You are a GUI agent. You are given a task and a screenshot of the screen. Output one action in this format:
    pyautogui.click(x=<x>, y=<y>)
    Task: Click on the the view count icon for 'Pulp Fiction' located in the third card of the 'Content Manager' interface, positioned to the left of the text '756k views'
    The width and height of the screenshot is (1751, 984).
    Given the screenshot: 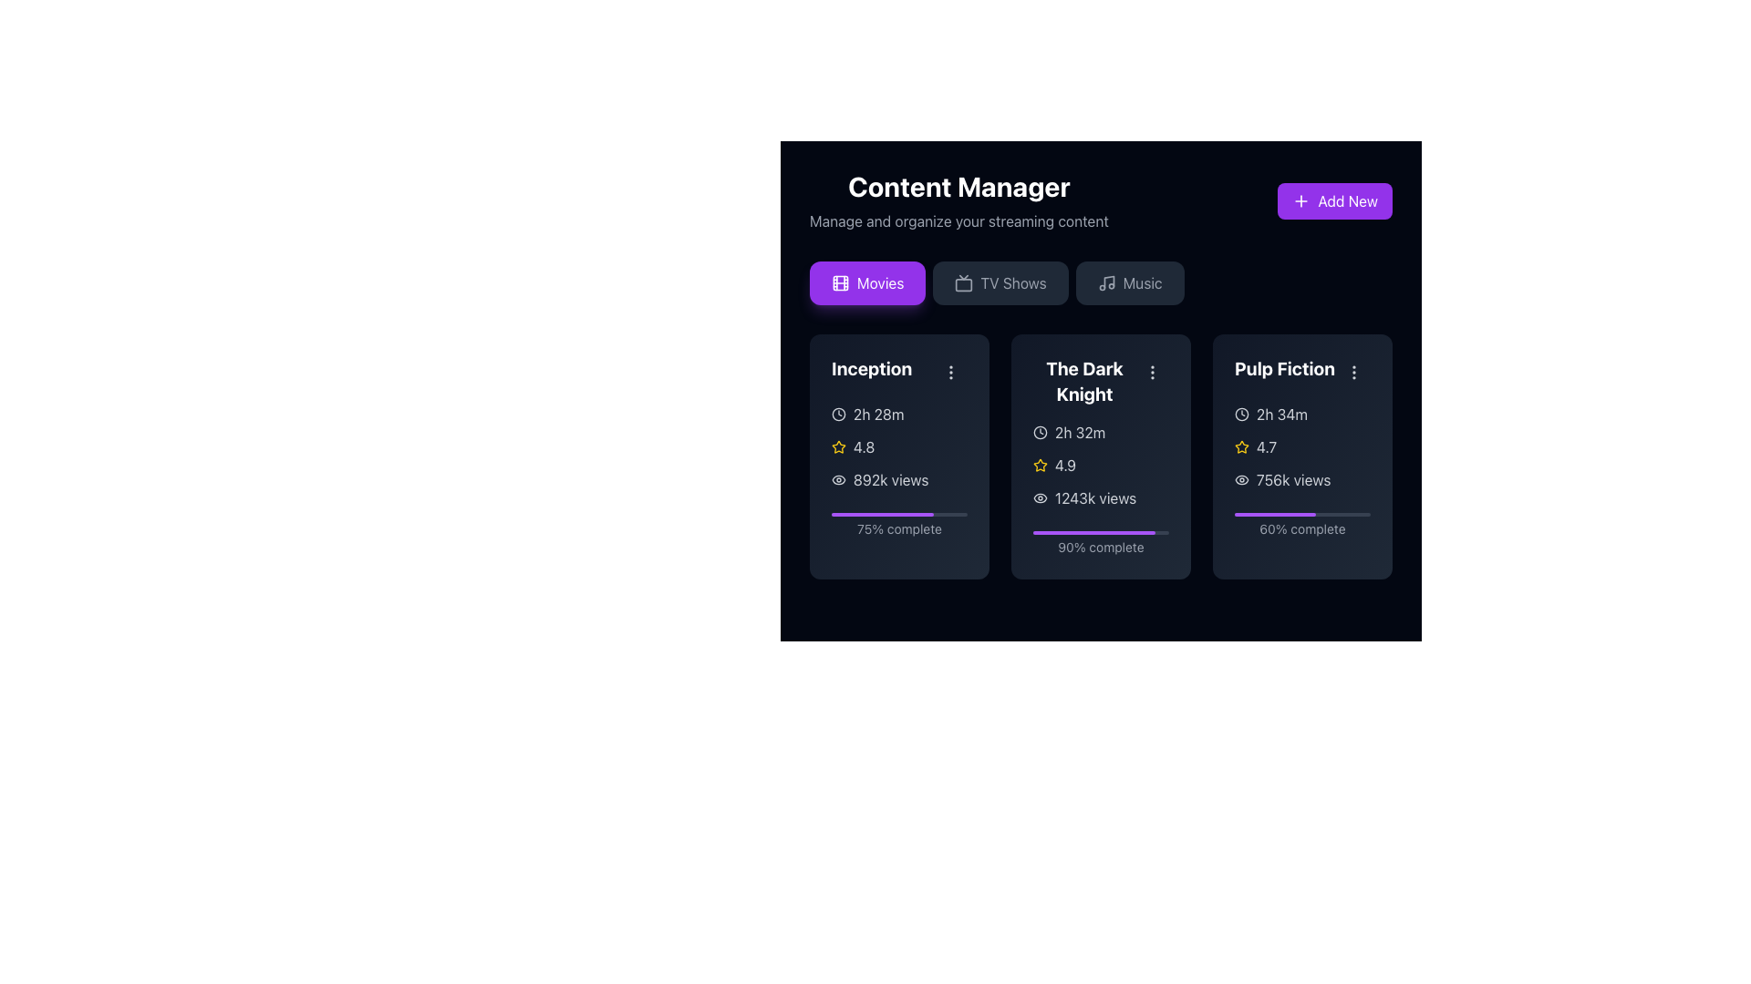 What is the action you would take?
    pyautogui.click(x=1241, y=479)
    